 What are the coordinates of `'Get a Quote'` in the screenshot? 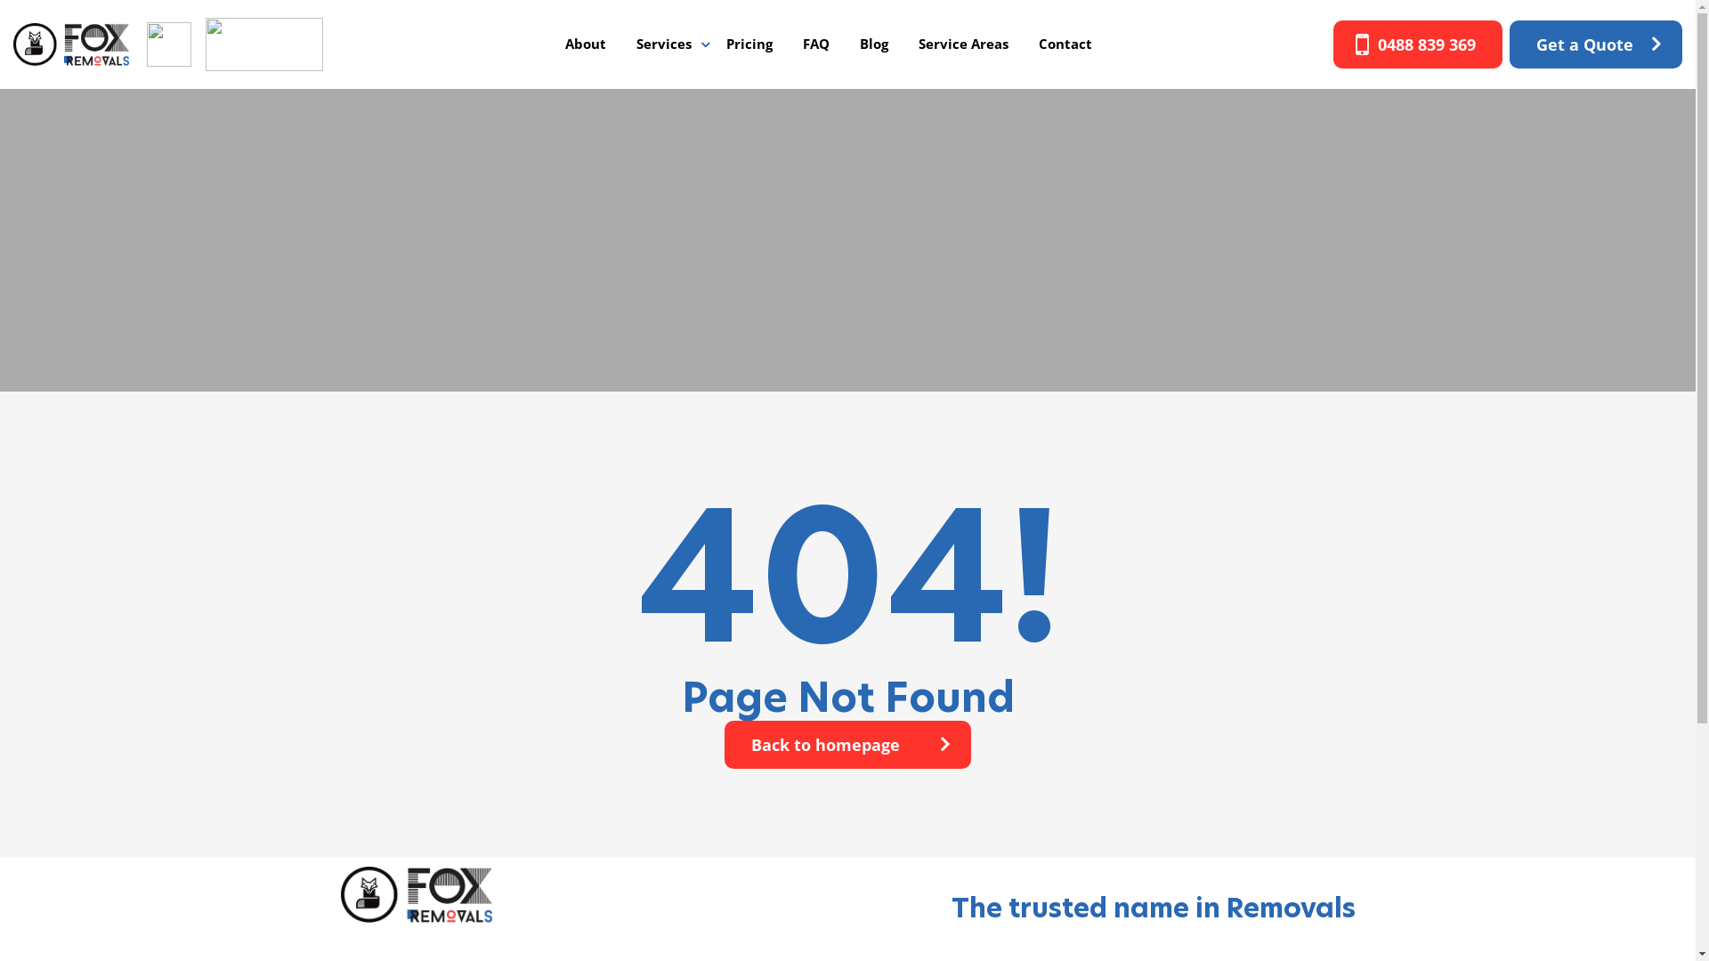 It's located at (1596, 44).